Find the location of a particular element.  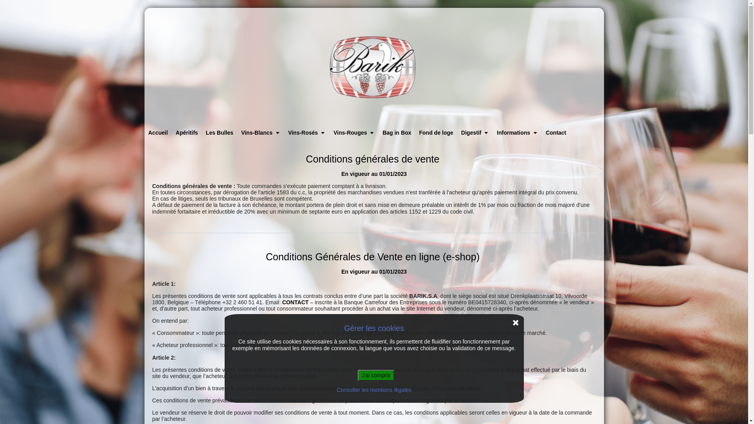

'CONTACT' is located at coordinates (295, 302).